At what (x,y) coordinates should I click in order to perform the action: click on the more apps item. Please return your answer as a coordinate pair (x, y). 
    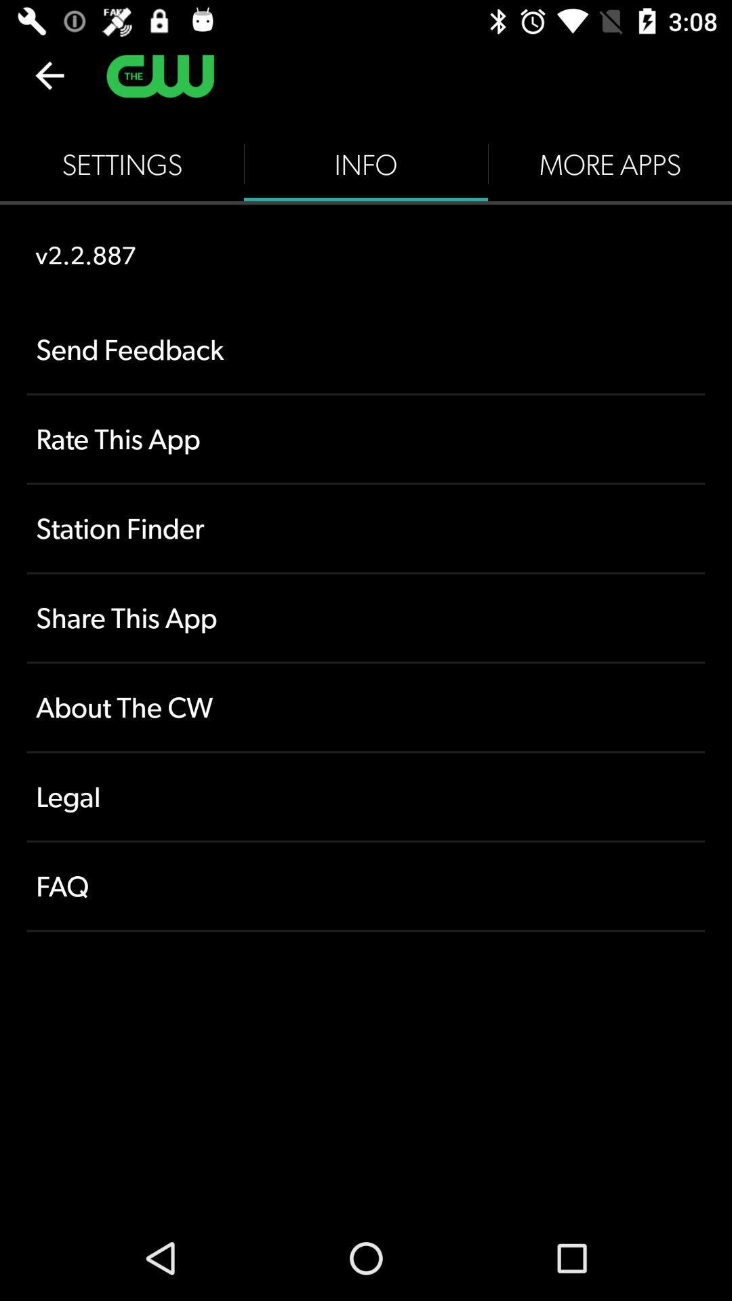
    Looking at the image, I should click on (609, 164).